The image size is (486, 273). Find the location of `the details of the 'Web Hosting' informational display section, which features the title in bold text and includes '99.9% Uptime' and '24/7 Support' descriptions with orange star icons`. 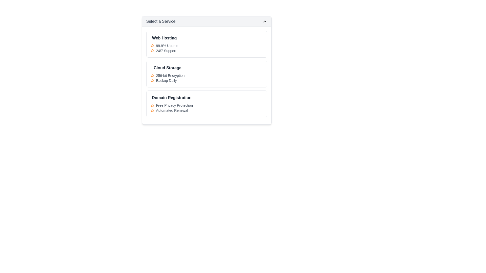

the details of the 'Web Hosting' informational display section, which features the title in bold text and includes '99.9% Uptime' and '24/7 Support' descriptions with orange star icons is located at coordinates (164, 44).